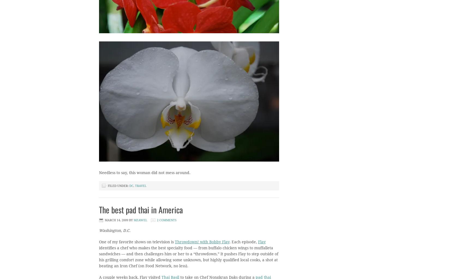 The image size is (460, 279). I want to click on 'Flay', so click(262, 242).